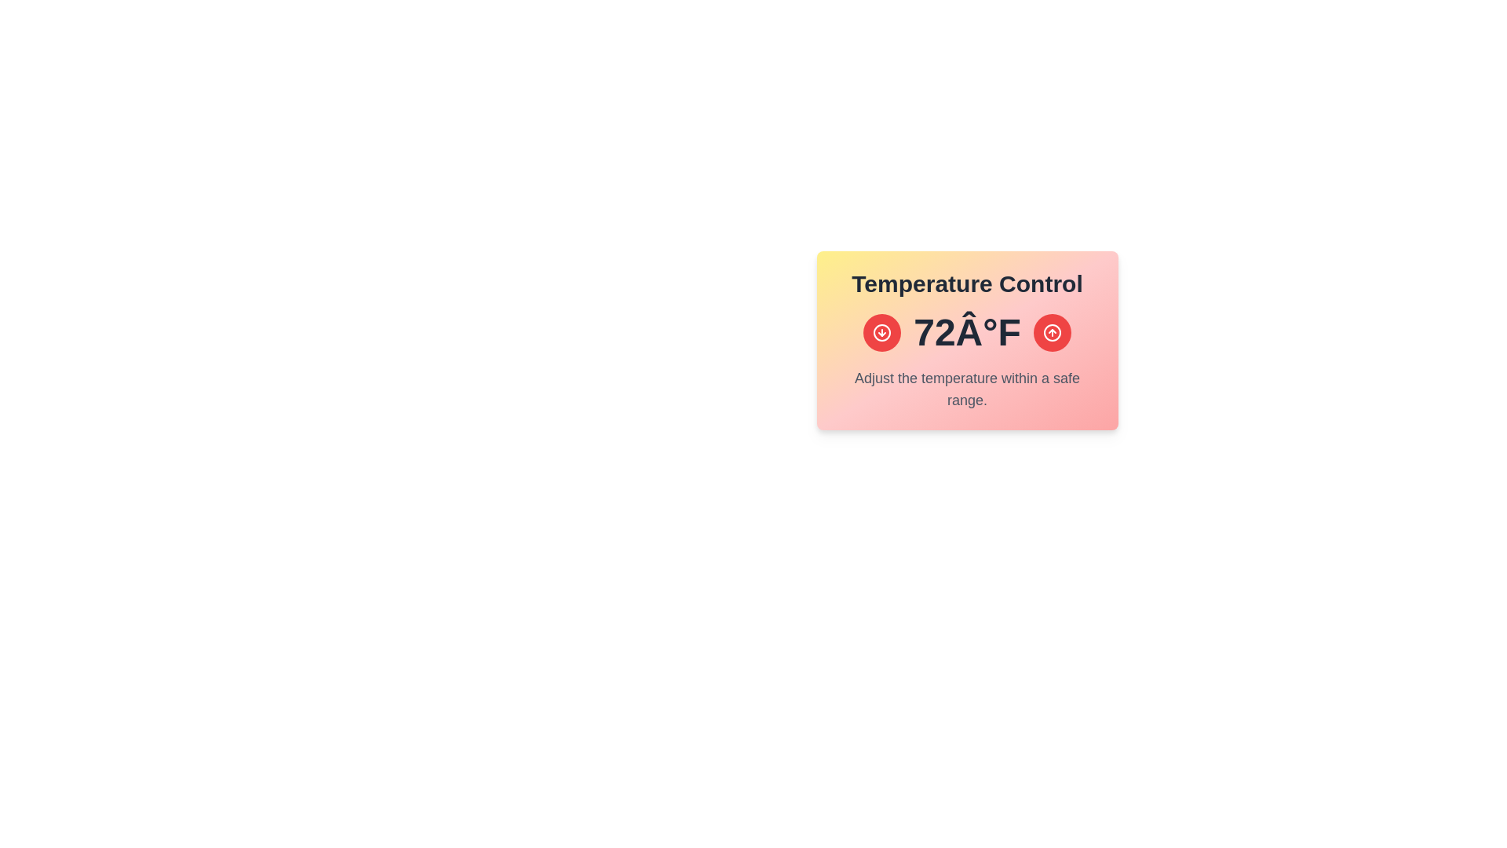  I want to click on the down arrow button to decrease the temperature, so click(882, 332).